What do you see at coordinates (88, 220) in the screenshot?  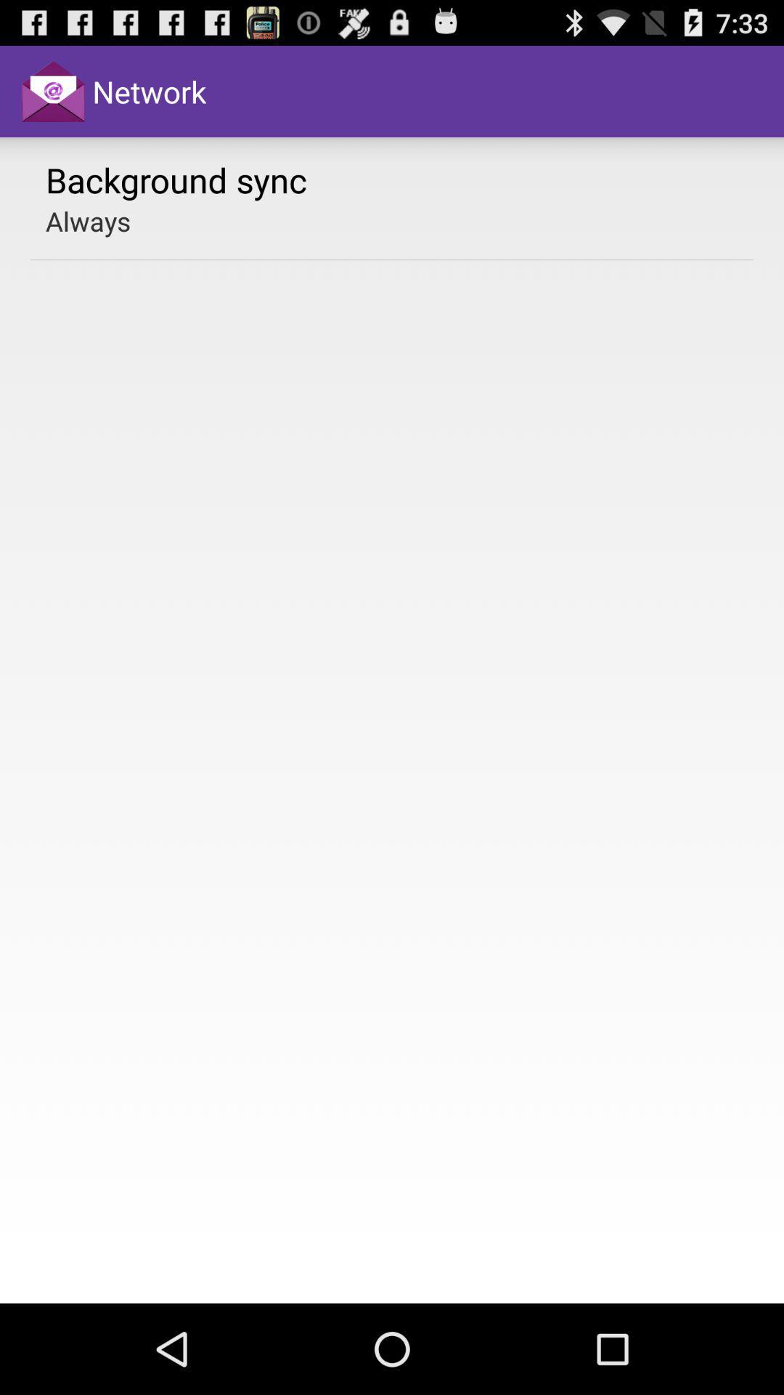 I see `item below background sync app` at bounding box center [88, 220].